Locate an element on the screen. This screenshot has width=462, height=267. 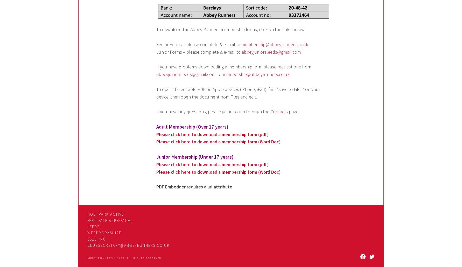
'Junior Membership (Under 17 years)' is located at coordinates (195, 157).